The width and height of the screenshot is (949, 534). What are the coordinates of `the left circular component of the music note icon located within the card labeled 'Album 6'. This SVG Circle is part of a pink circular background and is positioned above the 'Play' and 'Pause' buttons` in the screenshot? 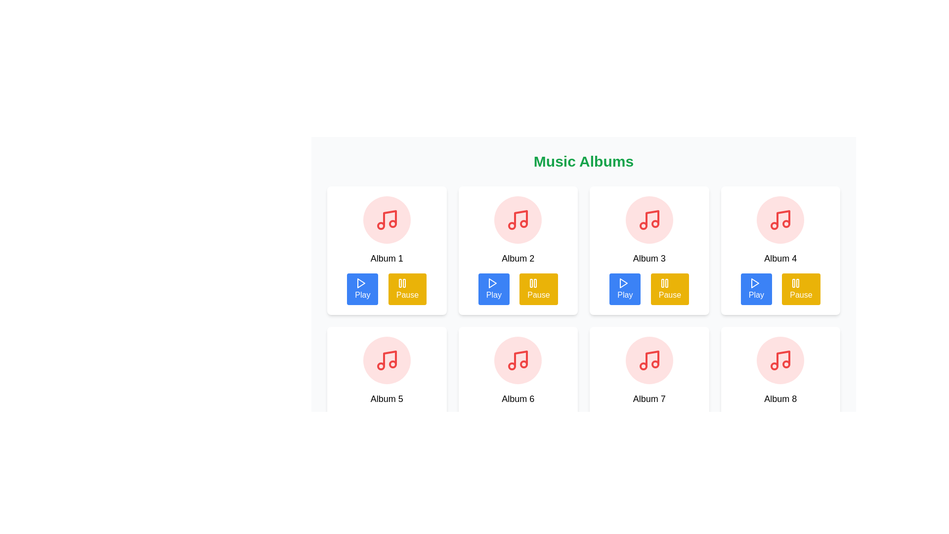 It's located at (512, 366).